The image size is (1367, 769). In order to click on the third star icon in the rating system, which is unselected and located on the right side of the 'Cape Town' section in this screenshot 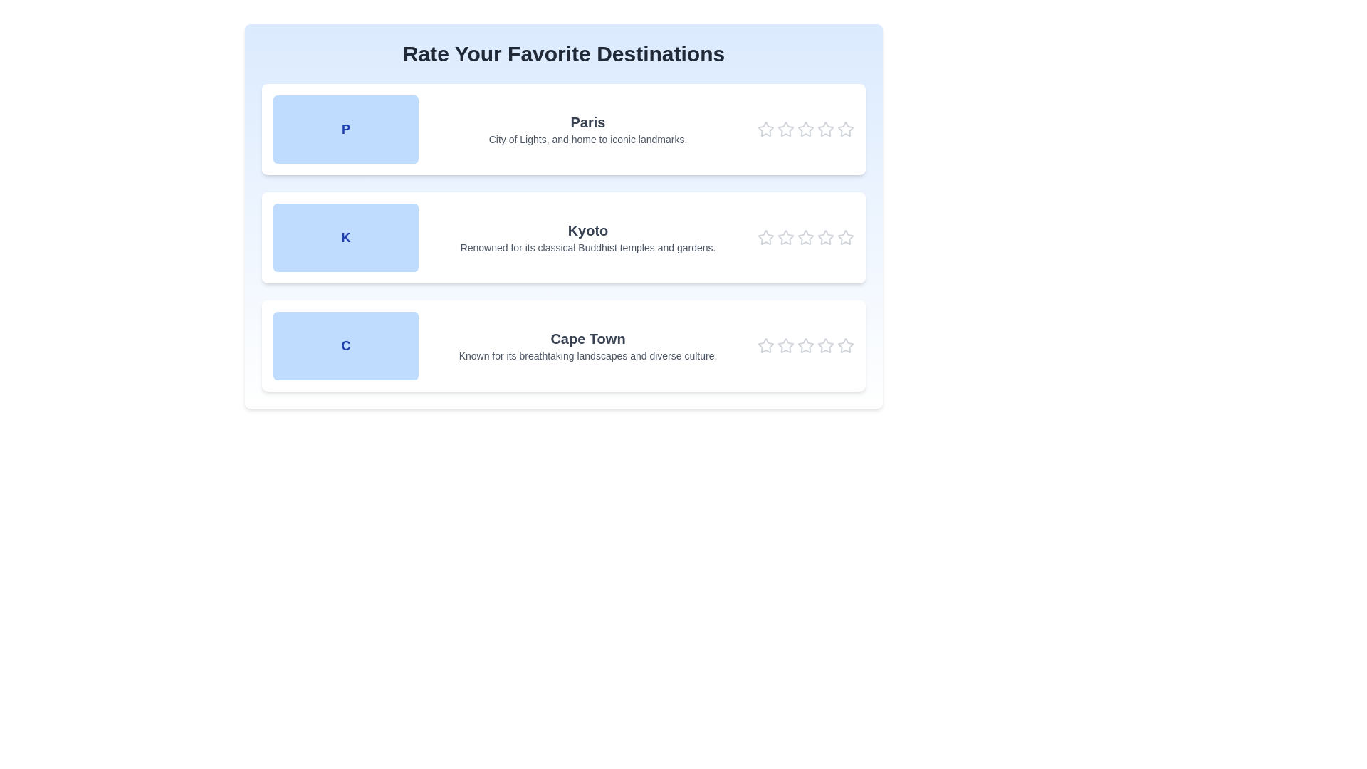, I will do `click(806, 346)`.